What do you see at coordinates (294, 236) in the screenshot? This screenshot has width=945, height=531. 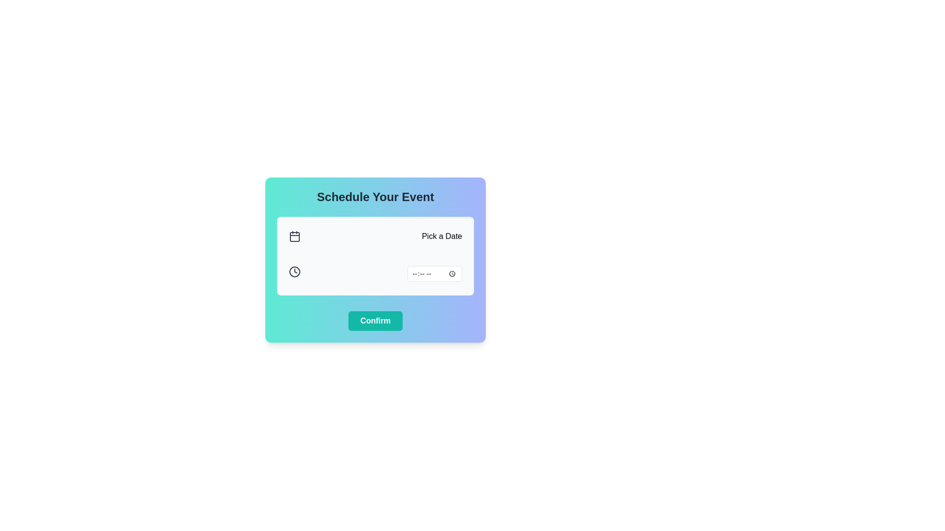 I see `the calendar icon located to the left of the 'Pick a Date' label in the upper section of the scheduling modal` at bounding box center [294, 236].